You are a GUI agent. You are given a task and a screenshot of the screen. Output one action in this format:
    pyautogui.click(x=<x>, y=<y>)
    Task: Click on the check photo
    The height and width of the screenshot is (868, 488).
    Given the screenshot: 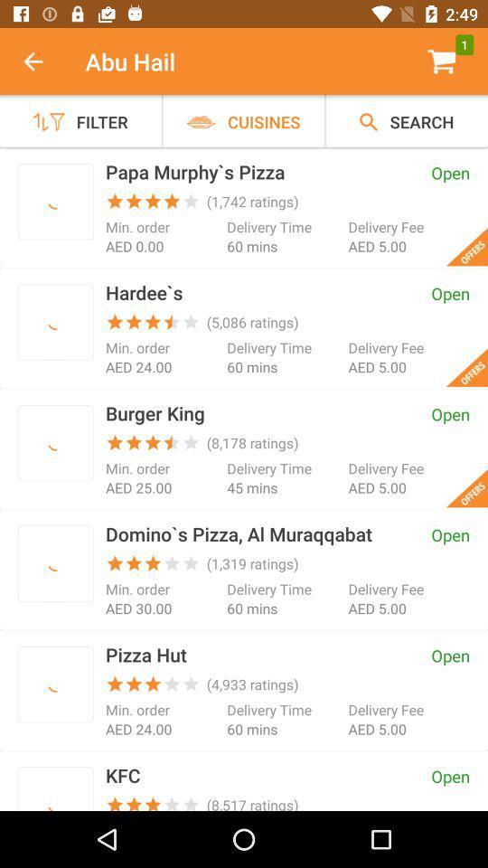 What is the action you would take?
    pyautogui.click(x=55, y=322)
    